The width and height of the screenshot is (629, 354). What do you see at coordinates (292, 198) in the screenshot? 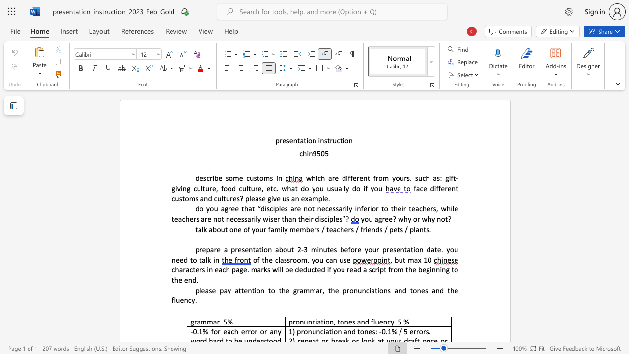
I see `the 1th character "a" in the text` at bounding box center [292, 198].